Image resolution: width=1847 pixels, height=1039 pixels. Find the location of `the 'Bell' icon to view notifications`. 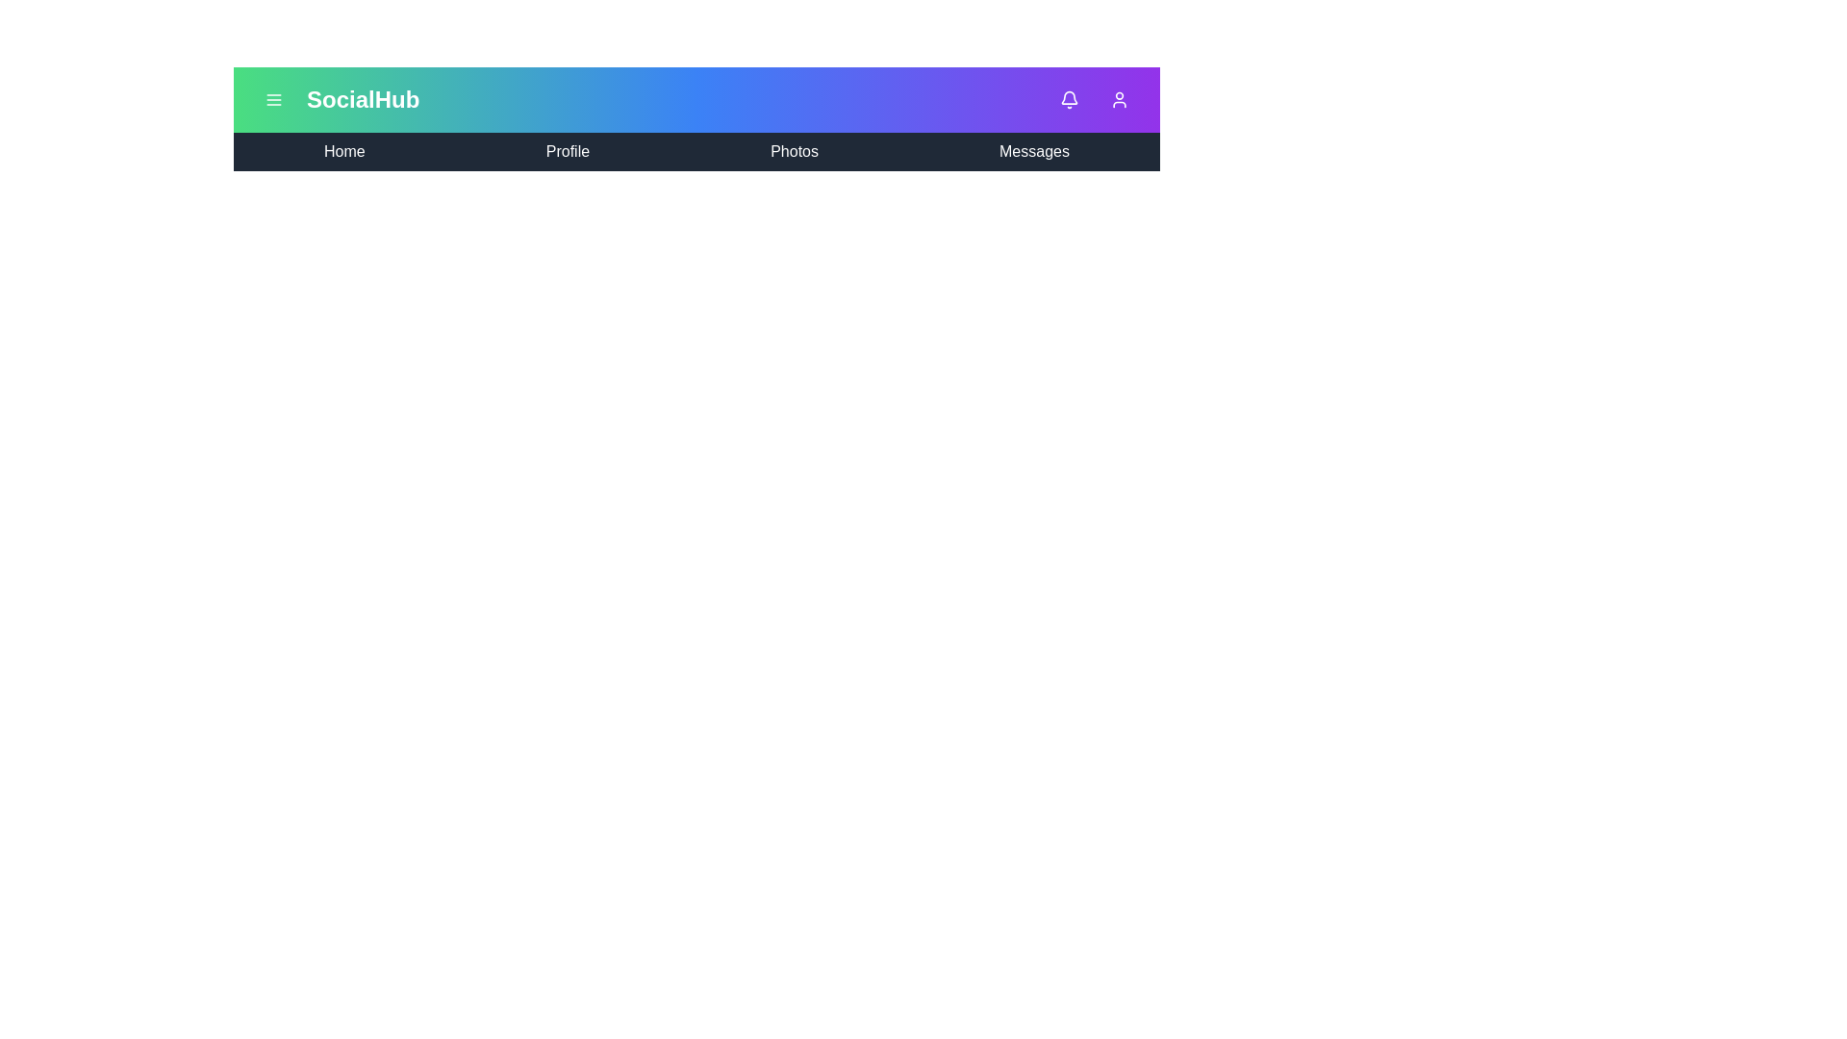

the 'Bell' icon to view notifications is located at coordinates (1069, 100).